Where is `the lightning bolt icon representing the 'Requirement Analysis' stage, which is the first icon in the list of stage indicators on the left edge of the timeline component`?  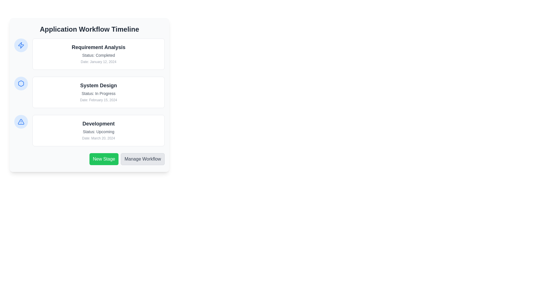
the lightning bolt icon representing the 'Requirement Analysis' stage, which is the first icon in the list of stage indicators on the left edge of the timeline component is located at coordinates (21, 45).